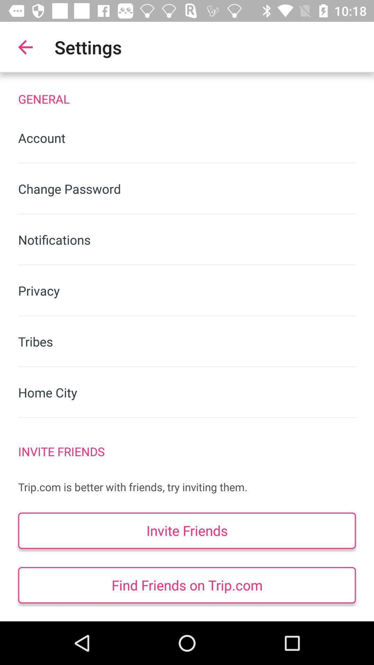  Describe the element at coordinates (25, 47) in the screenshot. I see `item next to settings item` at that location.